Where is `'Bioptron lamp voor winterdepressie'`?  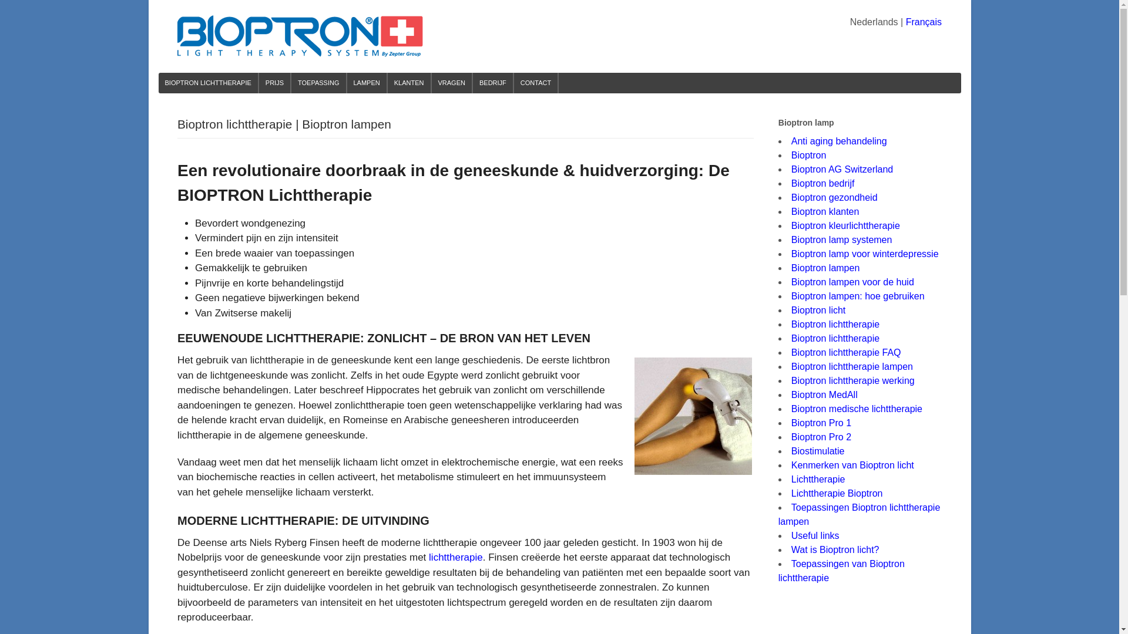
'Bioptron lamp voor winterdepressie' is located at coordinates (865, 253).